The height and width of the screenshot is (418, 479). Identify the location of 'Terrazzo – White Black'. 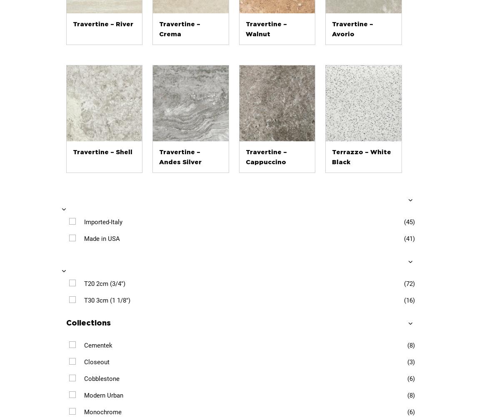
(362, 156).